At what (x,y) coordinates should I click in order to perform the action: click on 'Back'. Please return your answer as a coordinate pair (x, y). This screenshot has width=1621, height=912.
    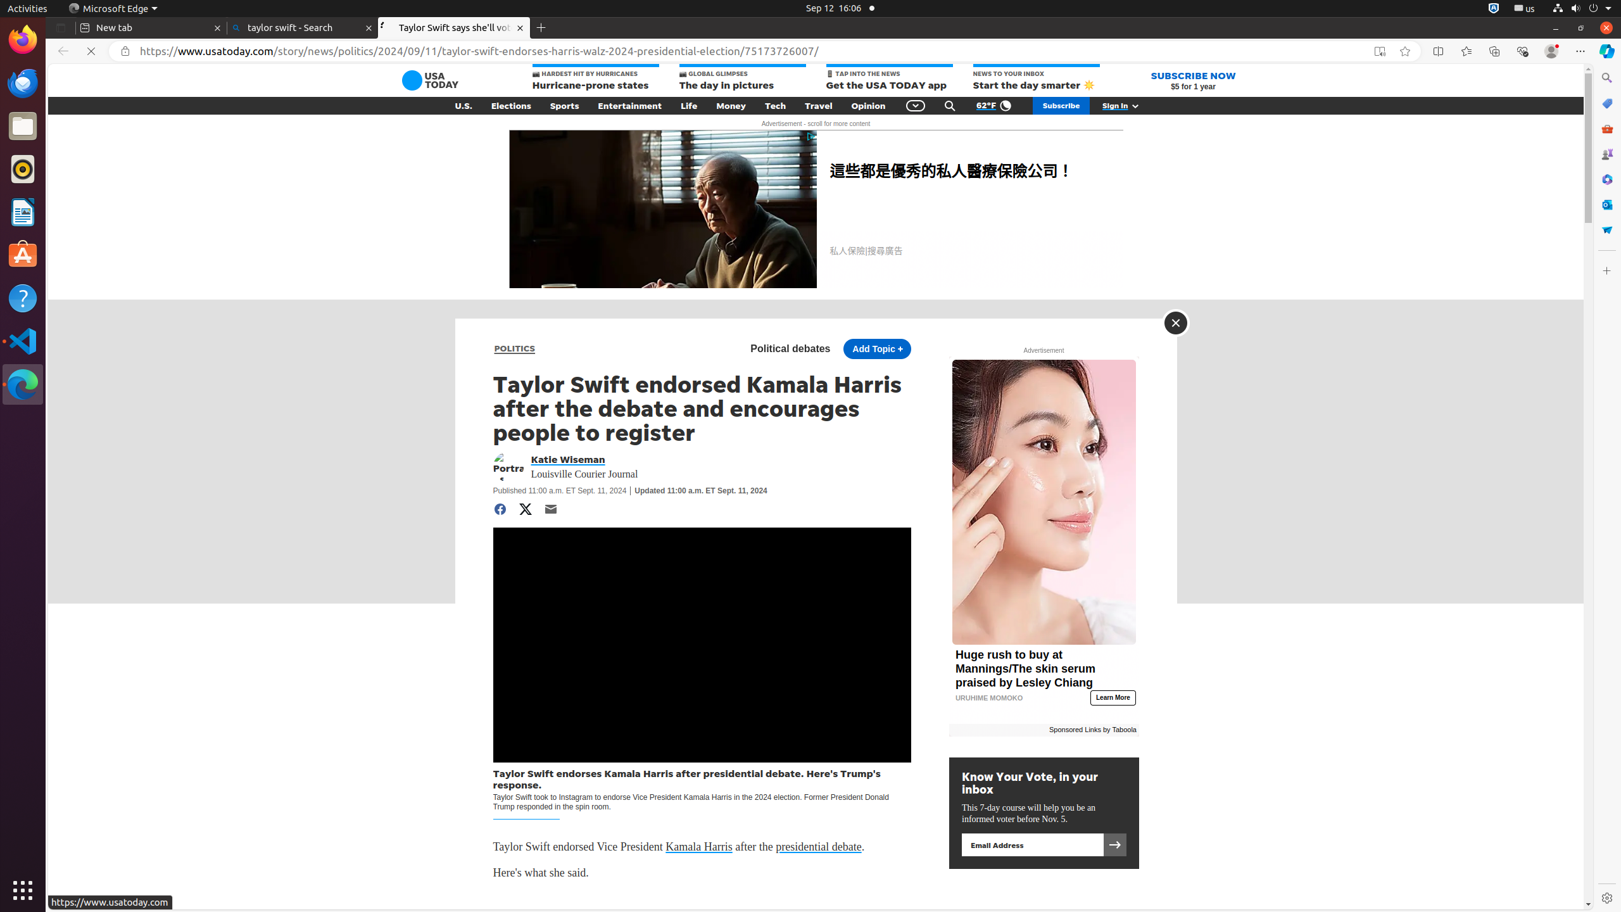
    Looking at the image, I should click on (60, 51).